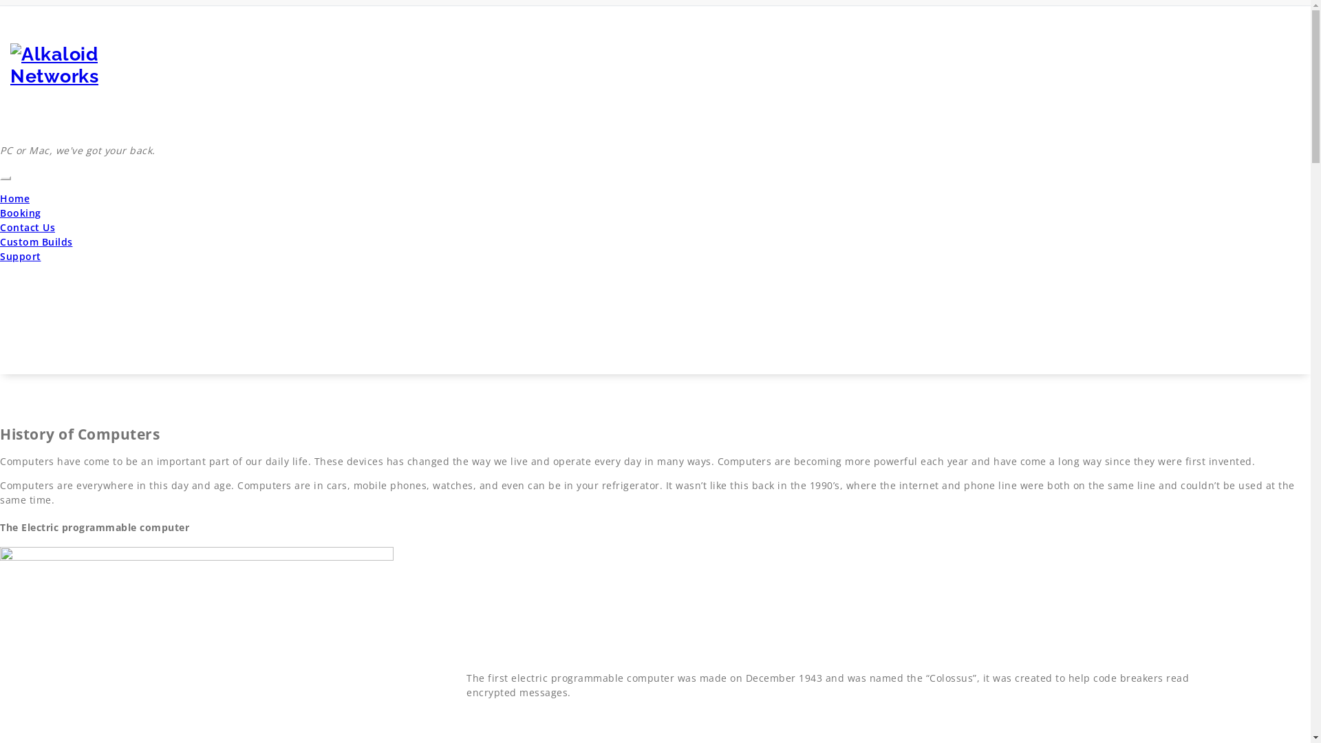 The image size is (1321, 743). I want to click on 'Contact Us', so click(27, 226).